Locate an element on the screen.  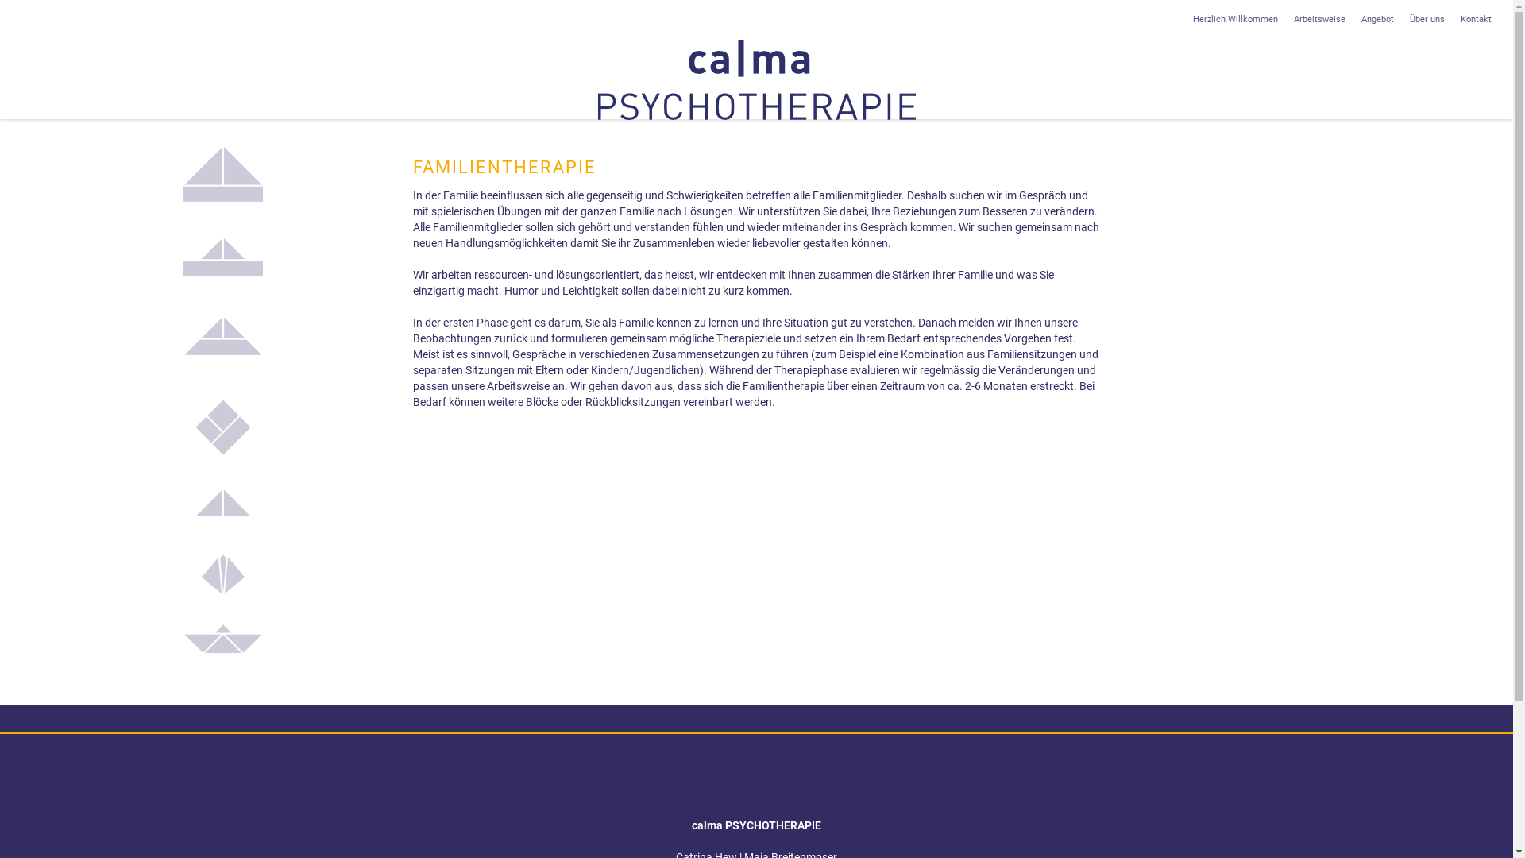
'Arbeitsweise' is located at coordinates (1318, 19).